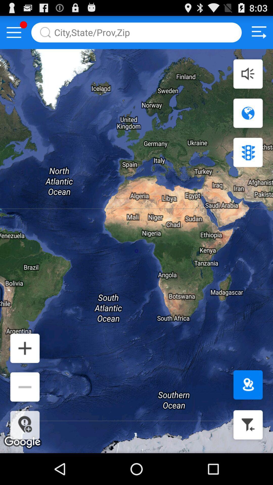 This screenshot has width=273, height=485. Describe the element at coordinates (248, 74) in the screenshot. I see `sound` at that location.